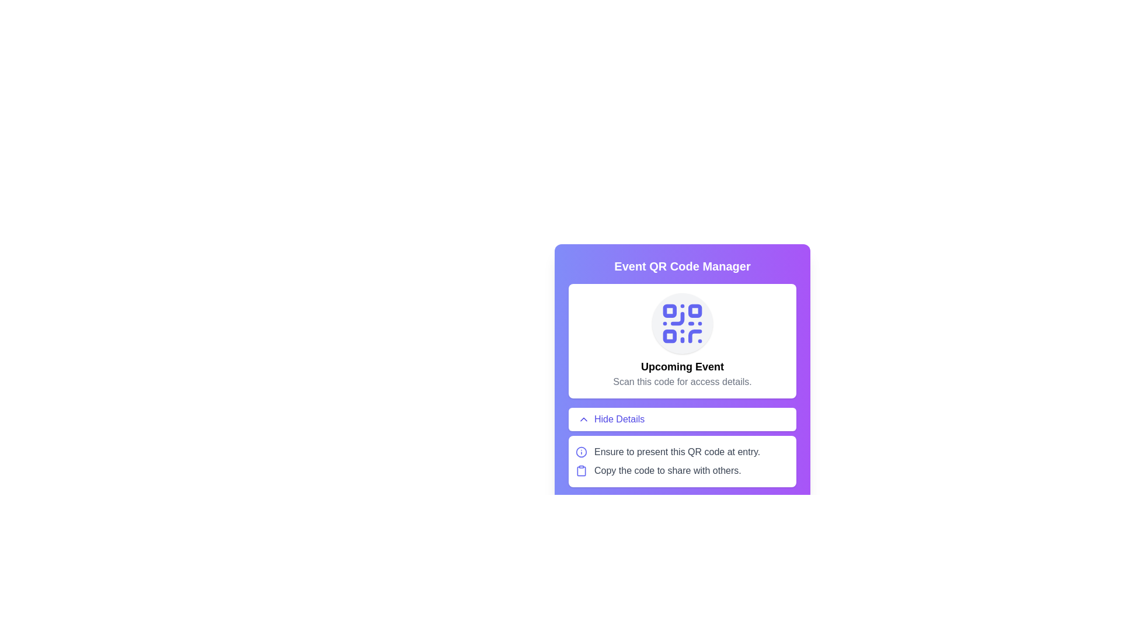  Describe the element at coordinates (677, 452) in the screenshot. I see `instructional text displayed in the Text Display element located under the 'Event QR Code Manager' section, positioned between the 'Hide Details' button and the 'Copy the code to share with others' instruction` at that location.